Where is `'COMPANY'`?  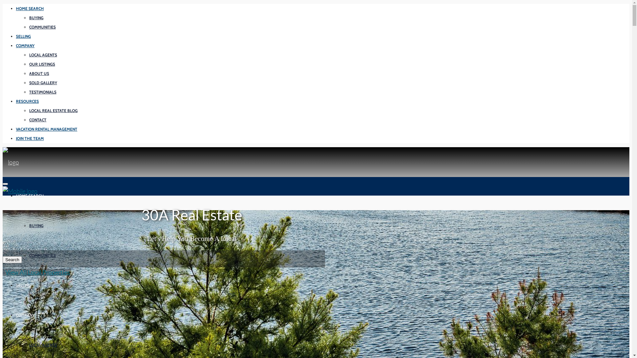
'COMPANY' is located at coordinates (16, 315).